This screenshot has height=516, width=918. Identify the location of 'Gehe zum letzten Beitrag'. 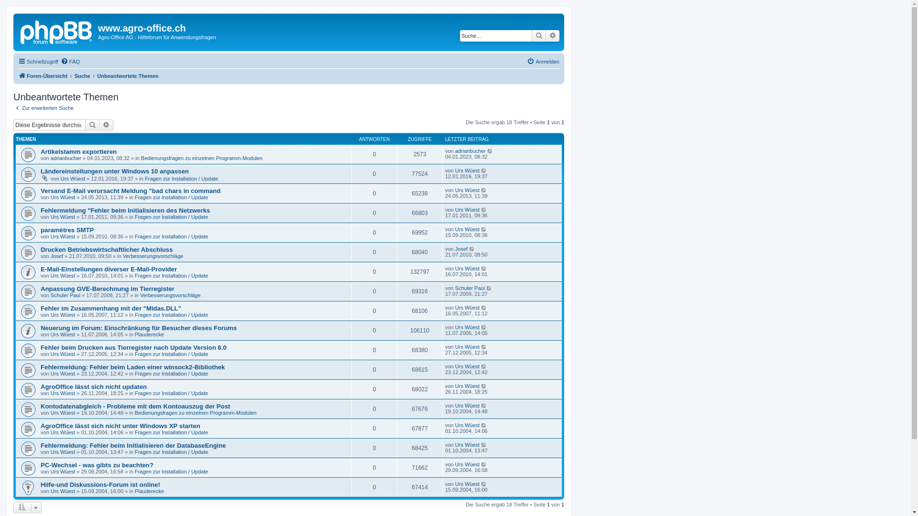
(472, 248).